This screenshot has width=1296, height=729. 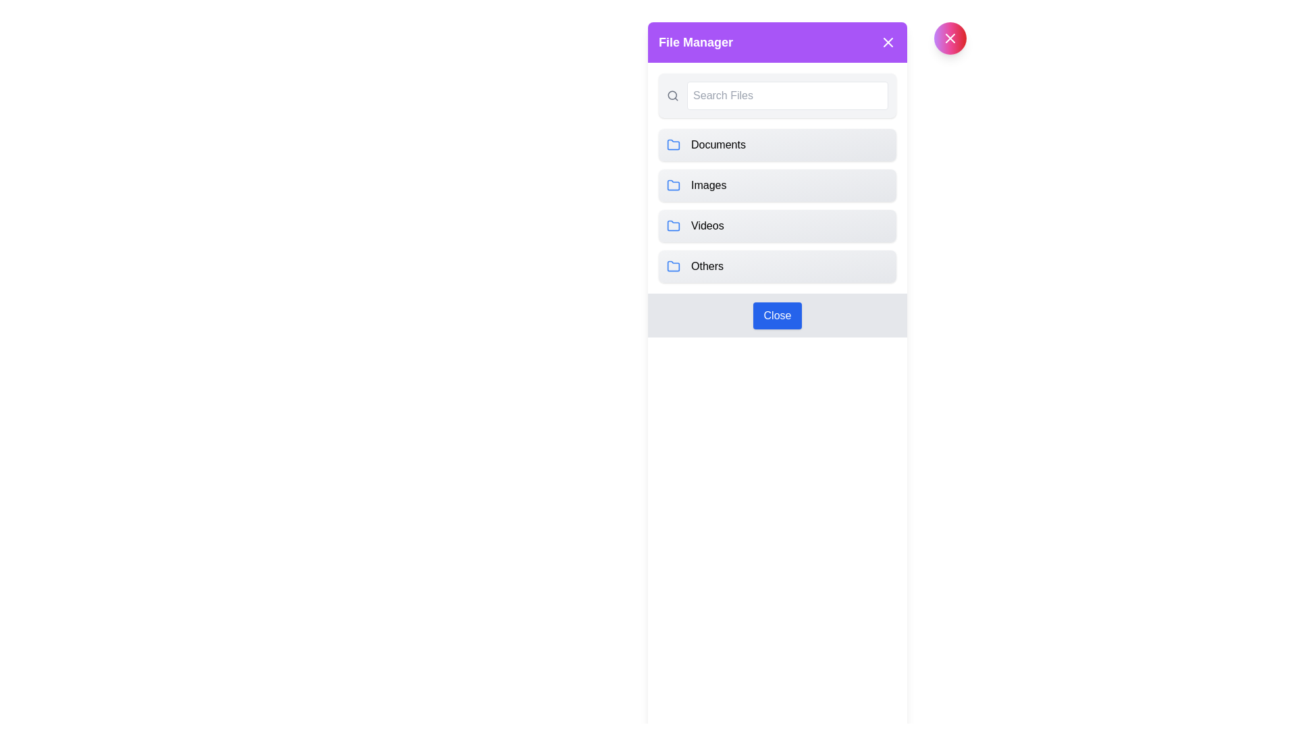 I want to click on the 'Documents', 'Images', 'Videos', or 'Others' row in the List component with selectable rows, so click(x=778, y=177).